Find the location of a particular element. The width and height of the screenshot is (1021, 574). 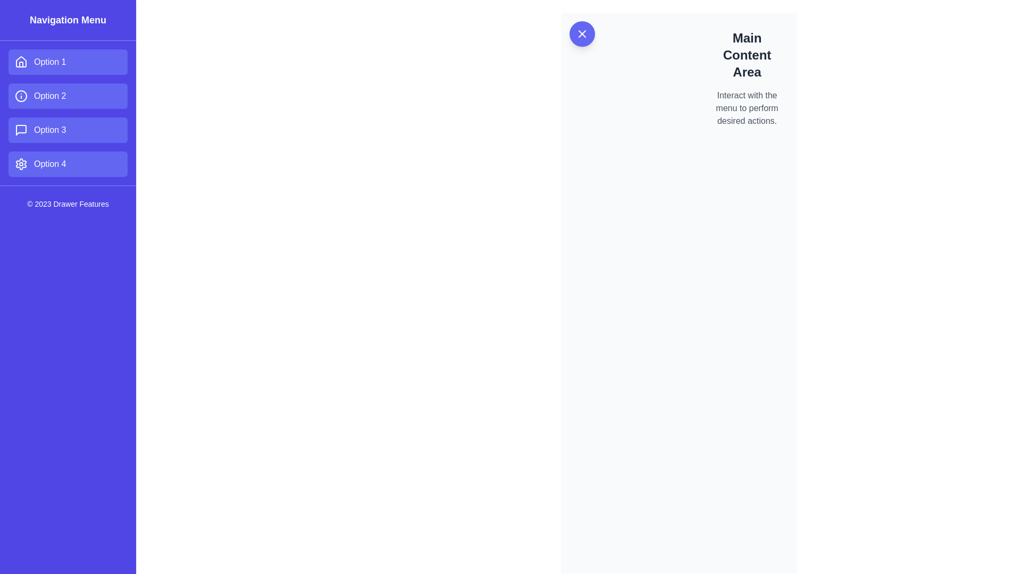

the decorative icon located to the left of the 'Option 3' menu item in the vertical navigation menu is located at coordinates (21, 130).